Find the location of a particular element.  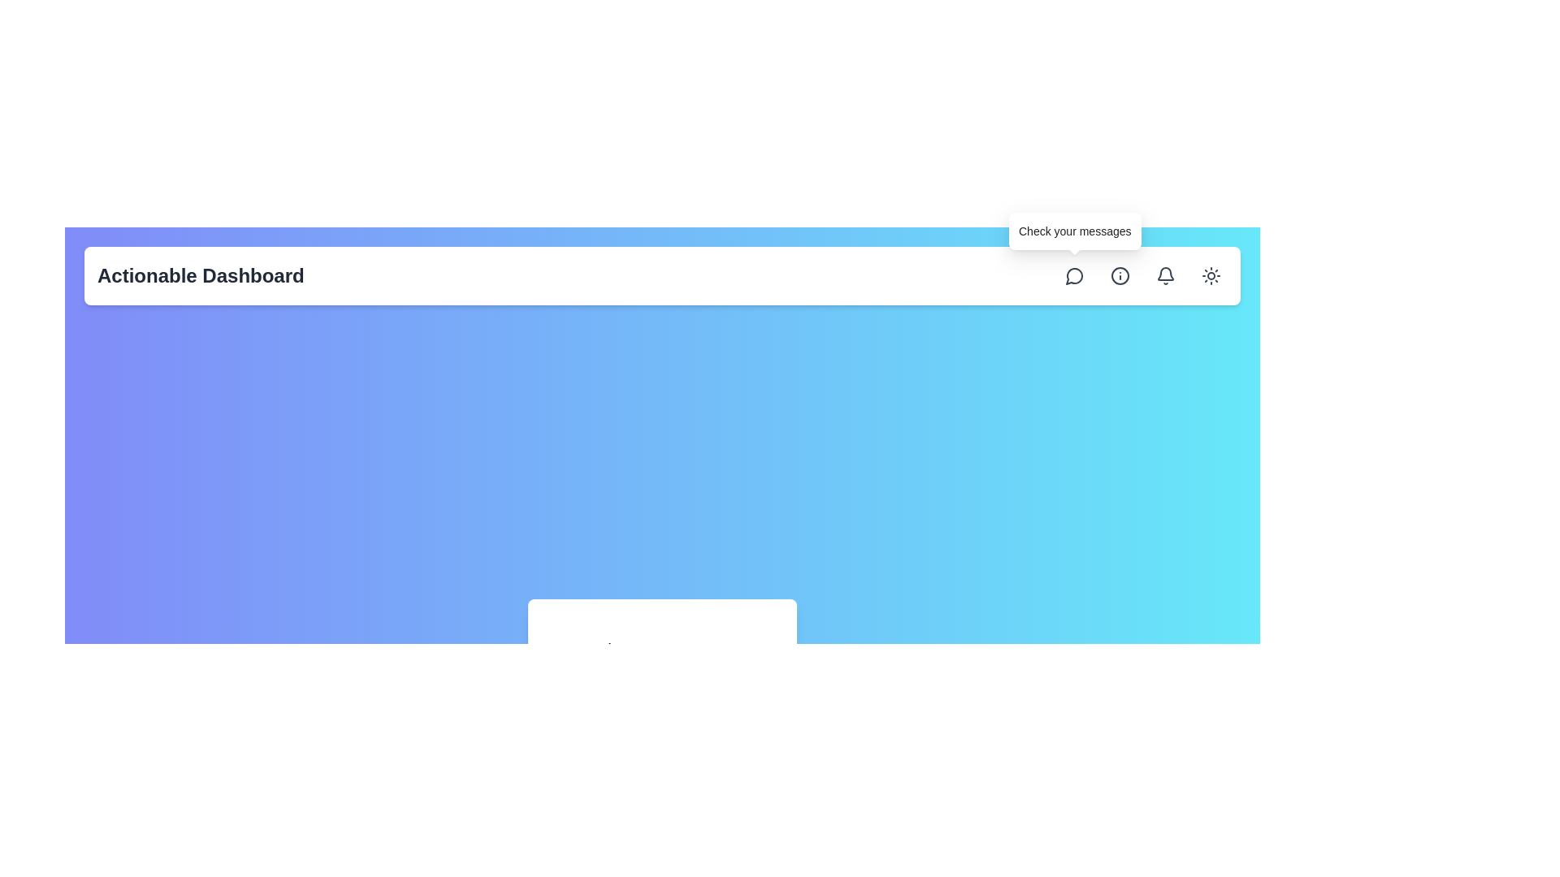

the bell-shaped notification icon located in the header section, second from the end is located at coordinates (1165, 274).